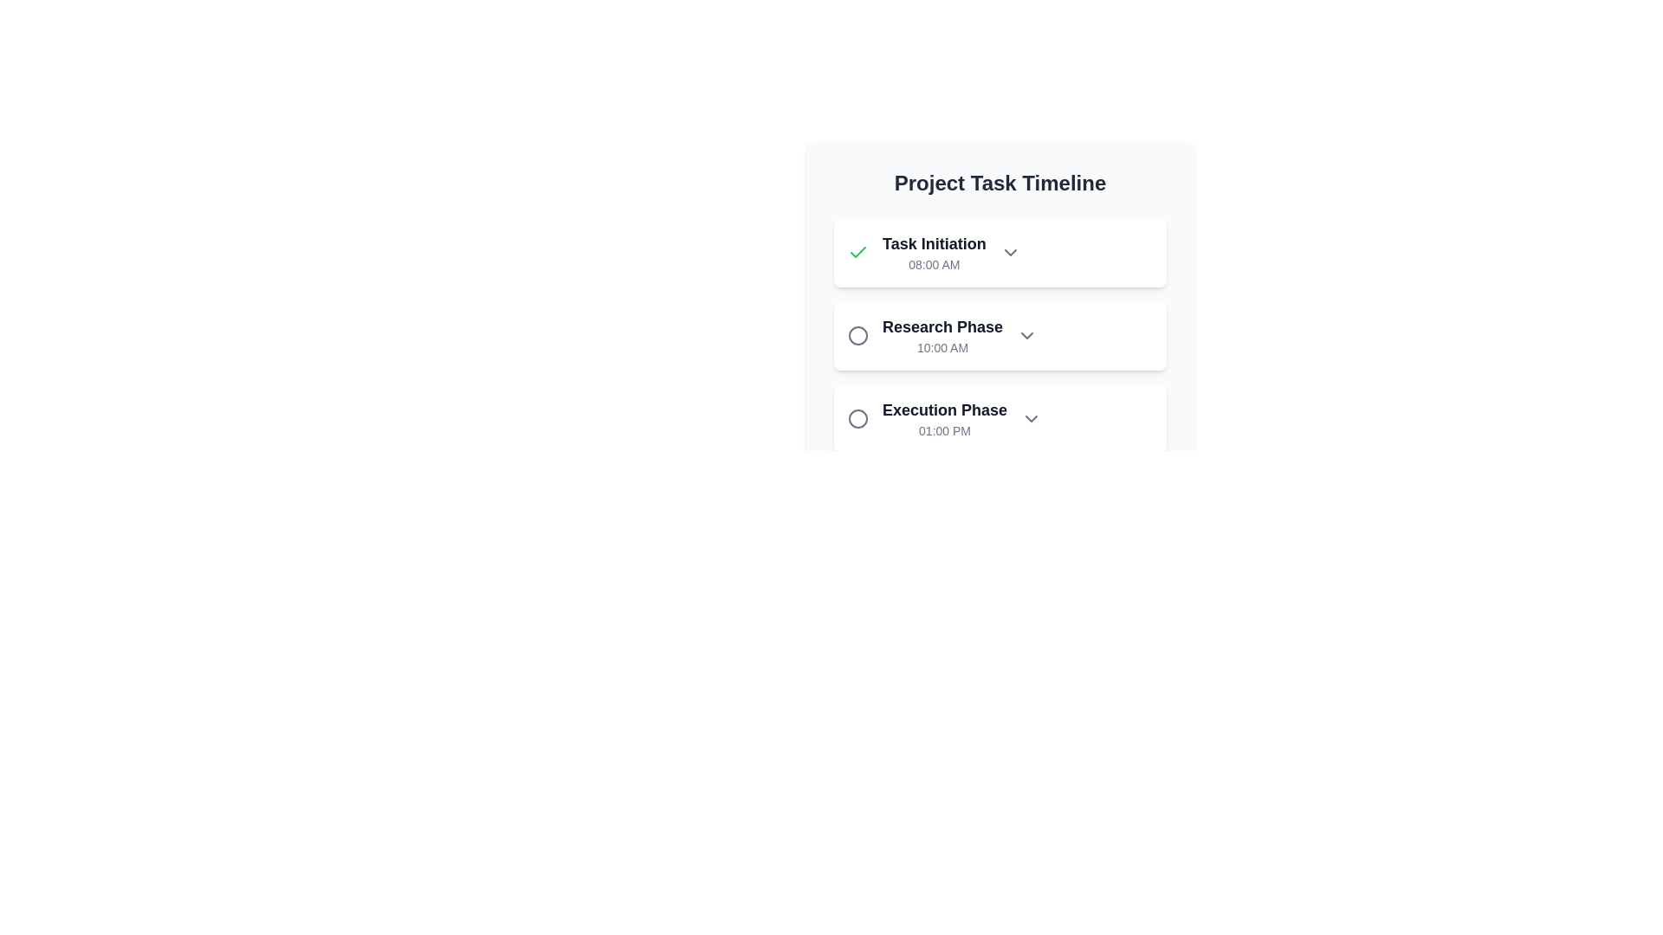 This screenshot has width=1663, height=935. What do you see at coordinates (857, 253) in the screenshot?
I see `the green checkmark icon indicating the completion of the 'Task Initiation' task, located to the left of the text 'Task Initiation' and its time '08:00 AM' in the 'Project Task Timeline' list` at bounding box center [857, 253].